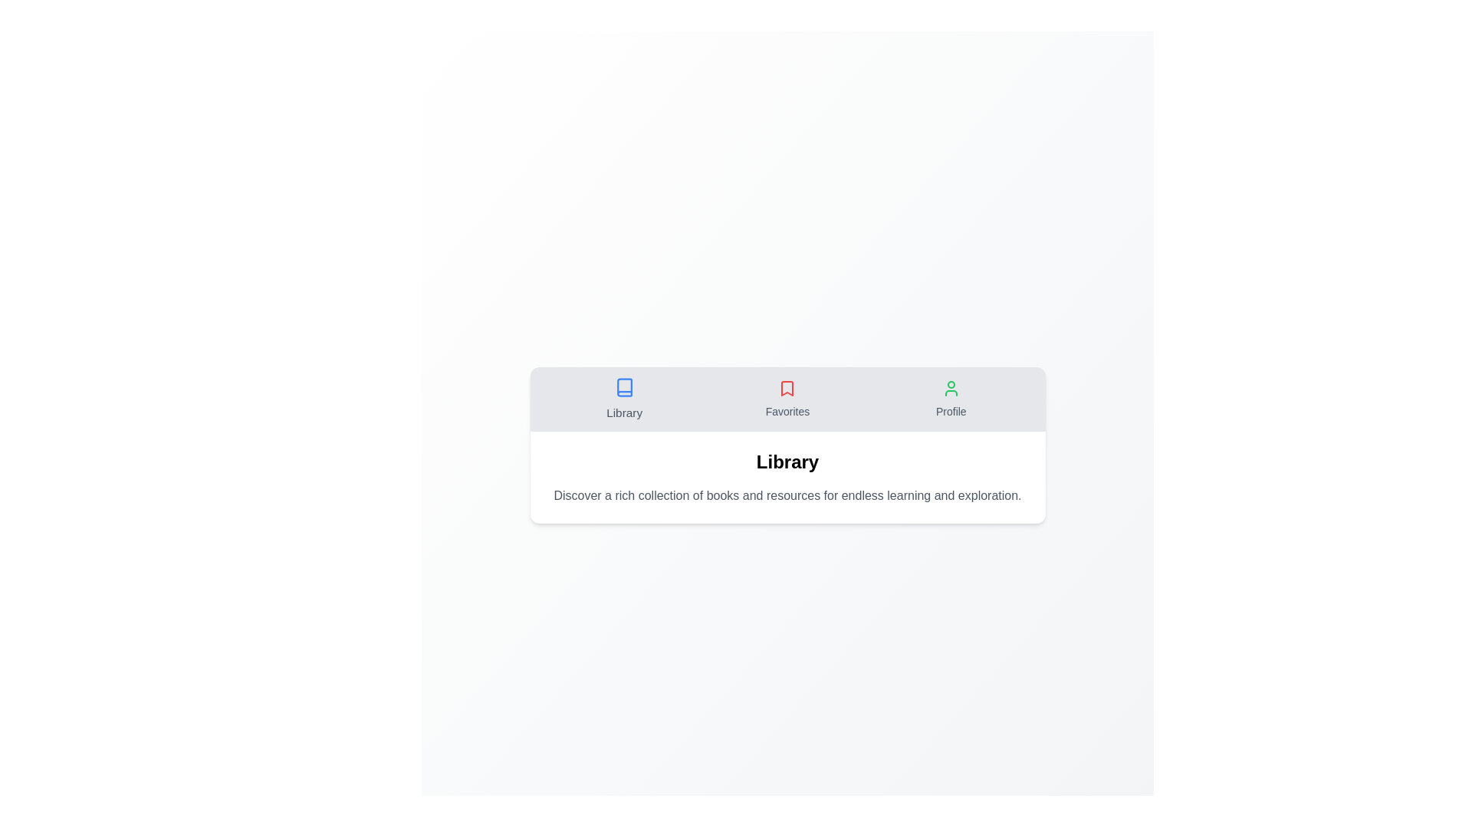  What do you see at coordinates (787, 398) in the screenshot?
I see `the tab labeled Favorites` at bounding box center [787, 398].